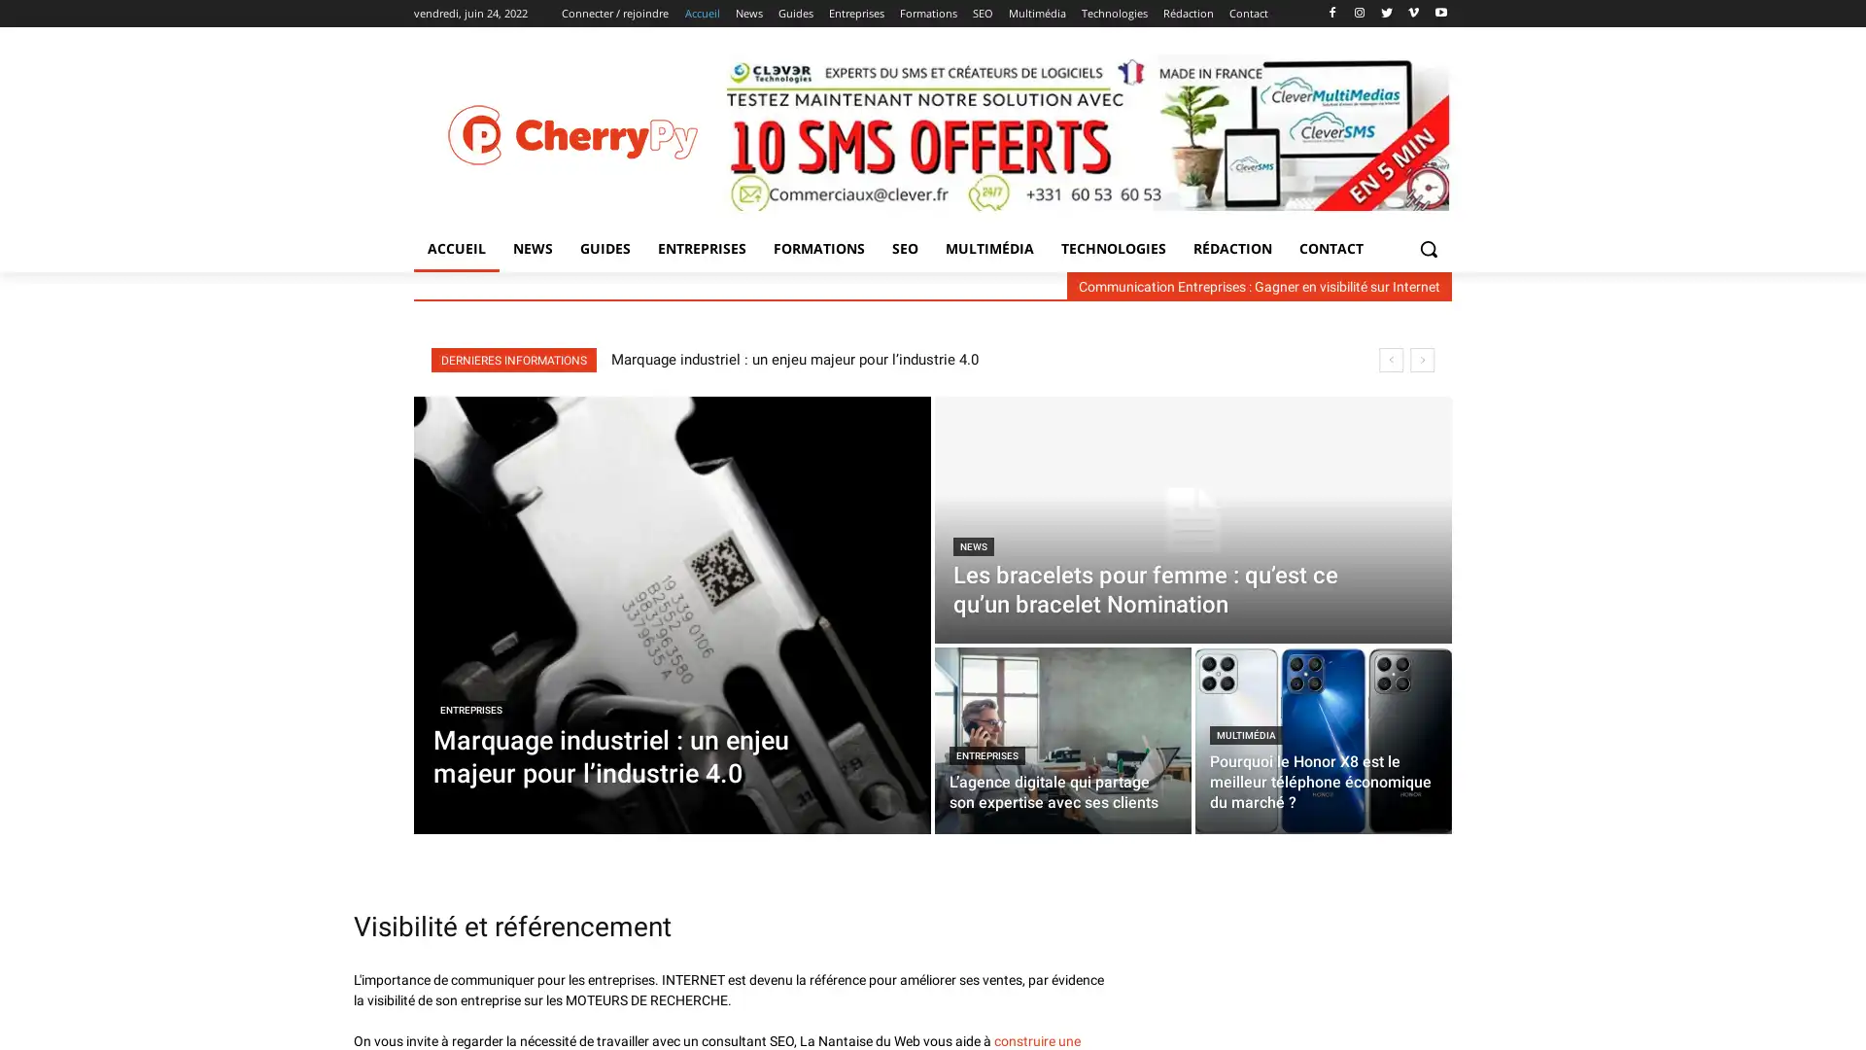  Describe the element at coordinates (1428, 247) in the screenshot. I see `Search` at that location.